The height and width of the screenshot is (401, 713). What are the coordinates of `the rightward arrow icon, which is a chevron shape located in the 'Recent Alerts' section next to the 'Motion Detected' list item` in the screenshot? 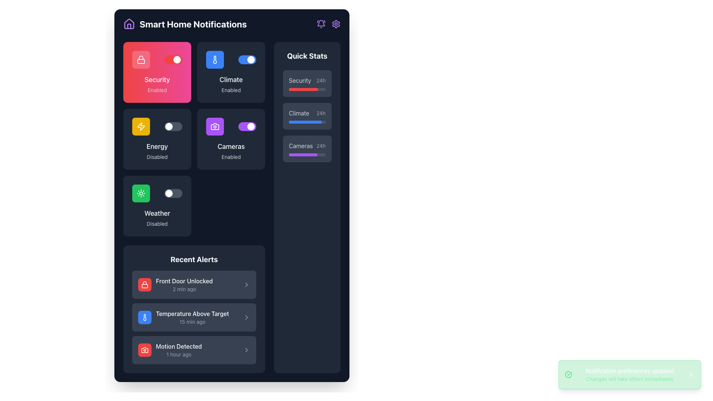 It's located at (246, 350).